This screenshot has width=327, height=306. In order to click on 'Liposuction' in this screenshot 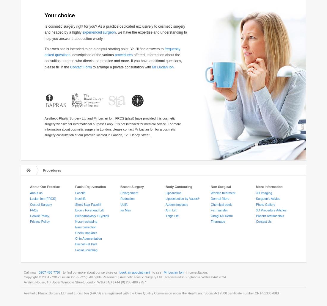, I will do `click(173, 193)`.